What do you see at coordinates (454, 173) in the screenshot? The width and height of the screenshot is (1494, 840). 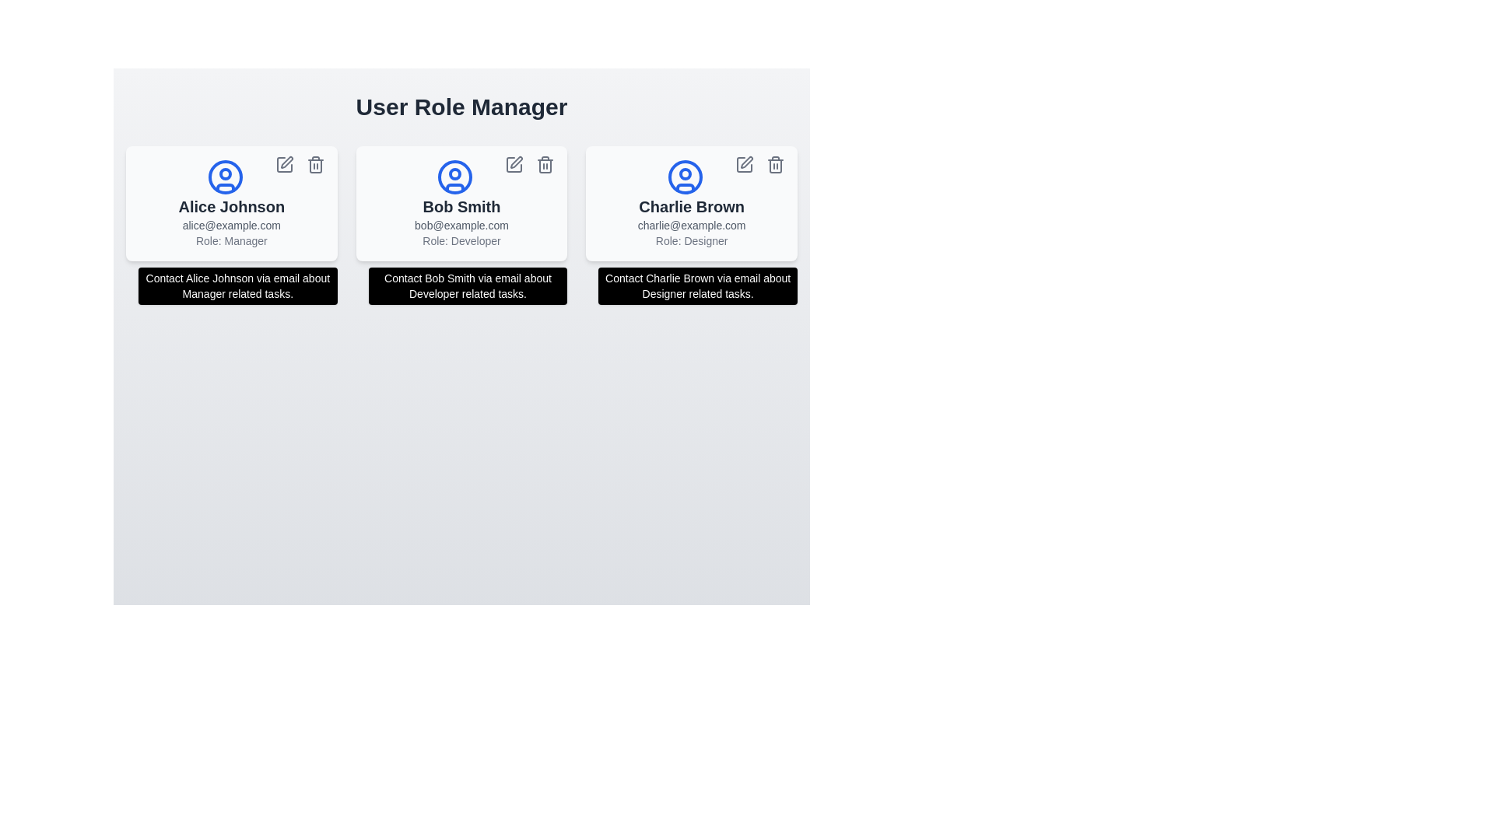 I see `the circle component of the user profile icon located at the center of the second card from the left in a row of three cards` at bounding box center [454, 173].